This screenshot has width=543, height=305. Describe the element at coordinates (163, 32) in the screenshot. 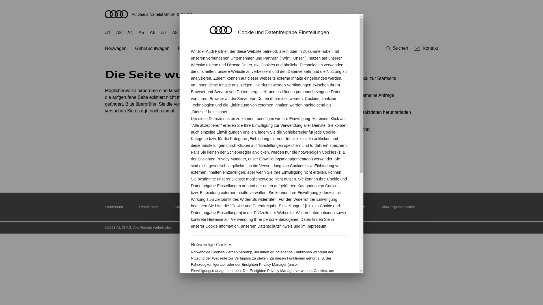

I see `'A7'` at that location.